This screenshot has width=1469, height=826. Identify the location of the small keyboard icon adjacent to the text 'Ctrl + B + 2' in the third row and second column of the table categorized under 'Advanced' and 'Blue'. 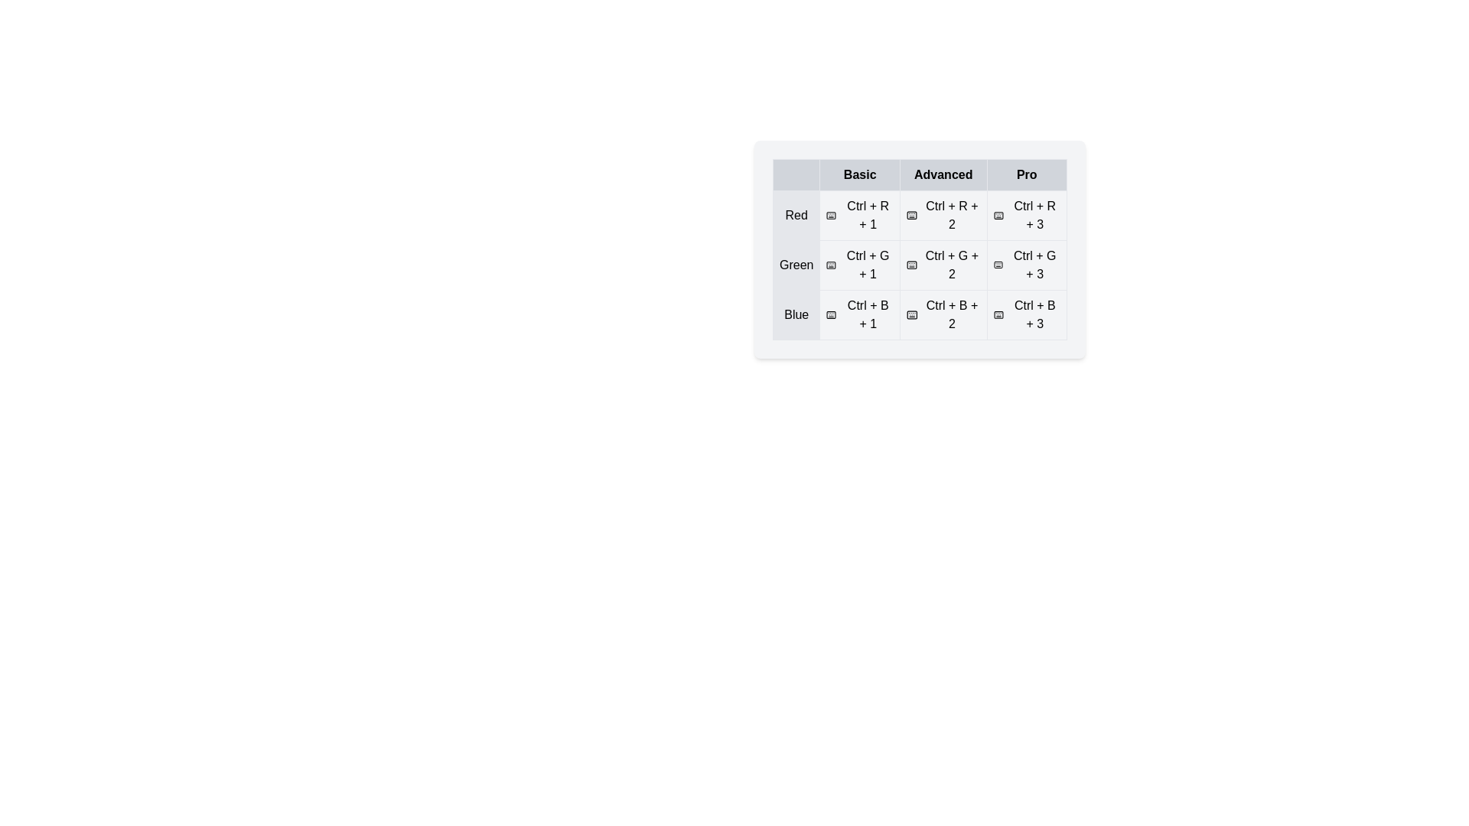
(912, 314).